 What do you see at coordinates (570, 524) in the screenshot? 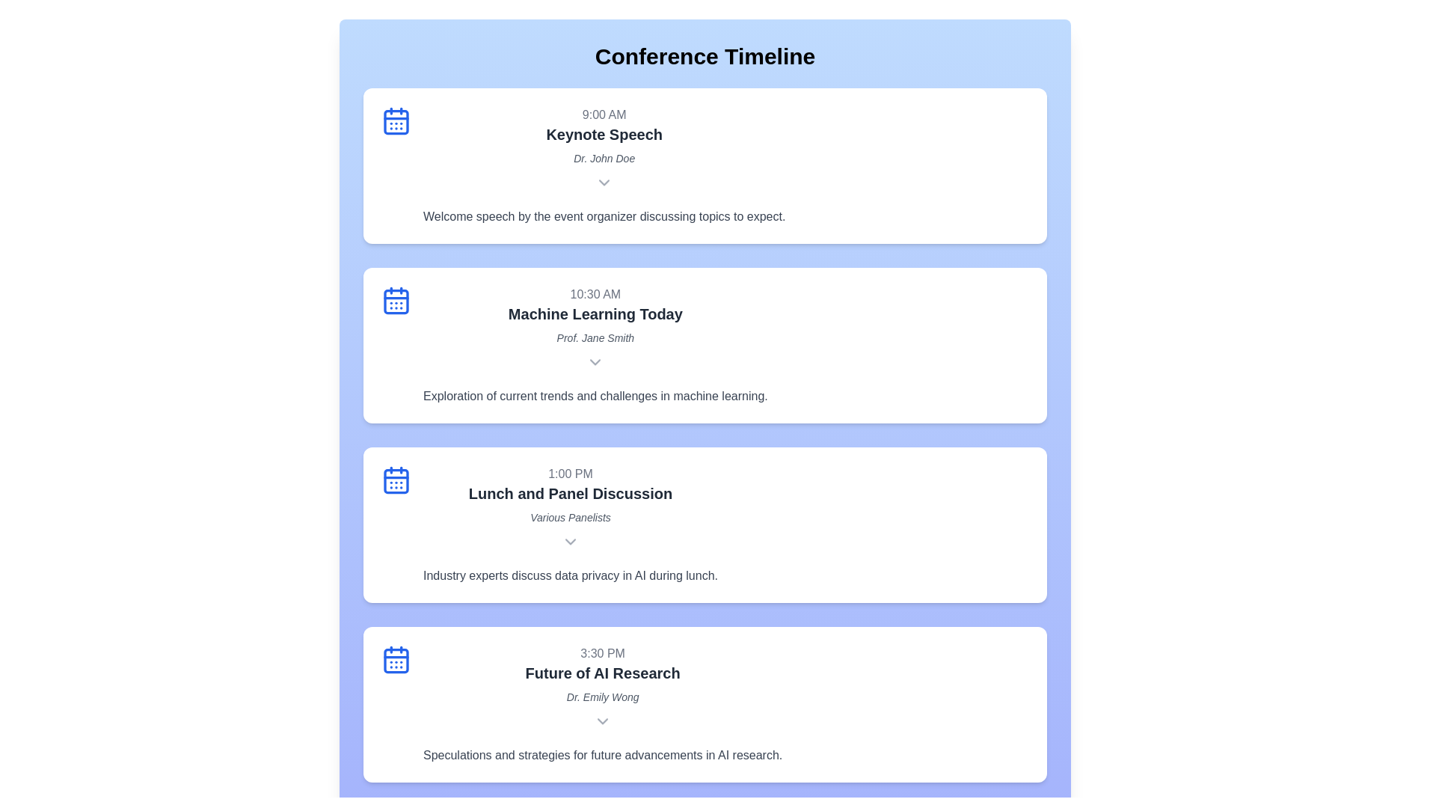
I see `information contained in the third informational block in the timeline interface, which provides details about a specific event including time, title, speaker(s), and description` at bounding box center [570, 524].